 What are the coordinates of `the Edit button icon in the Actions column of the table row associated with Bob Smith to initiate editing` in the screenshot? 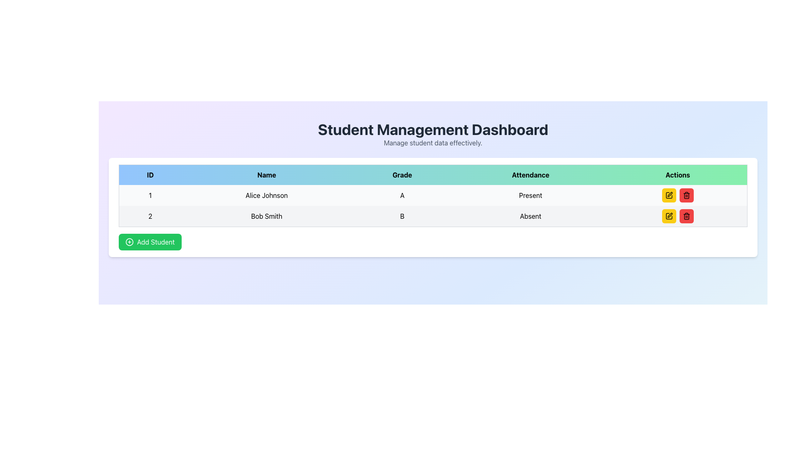 It's located at (670, 194).